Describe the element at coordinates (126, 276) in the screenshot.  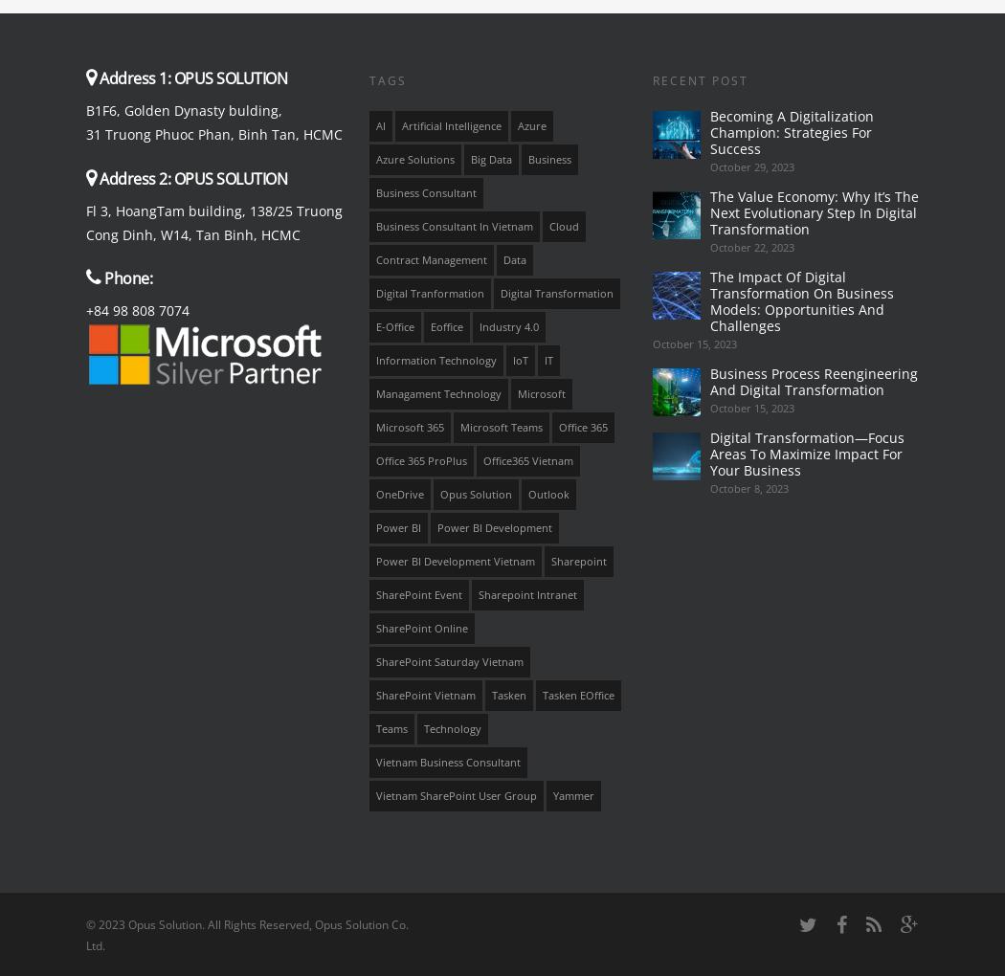
I see `'Phone:'` at that location.